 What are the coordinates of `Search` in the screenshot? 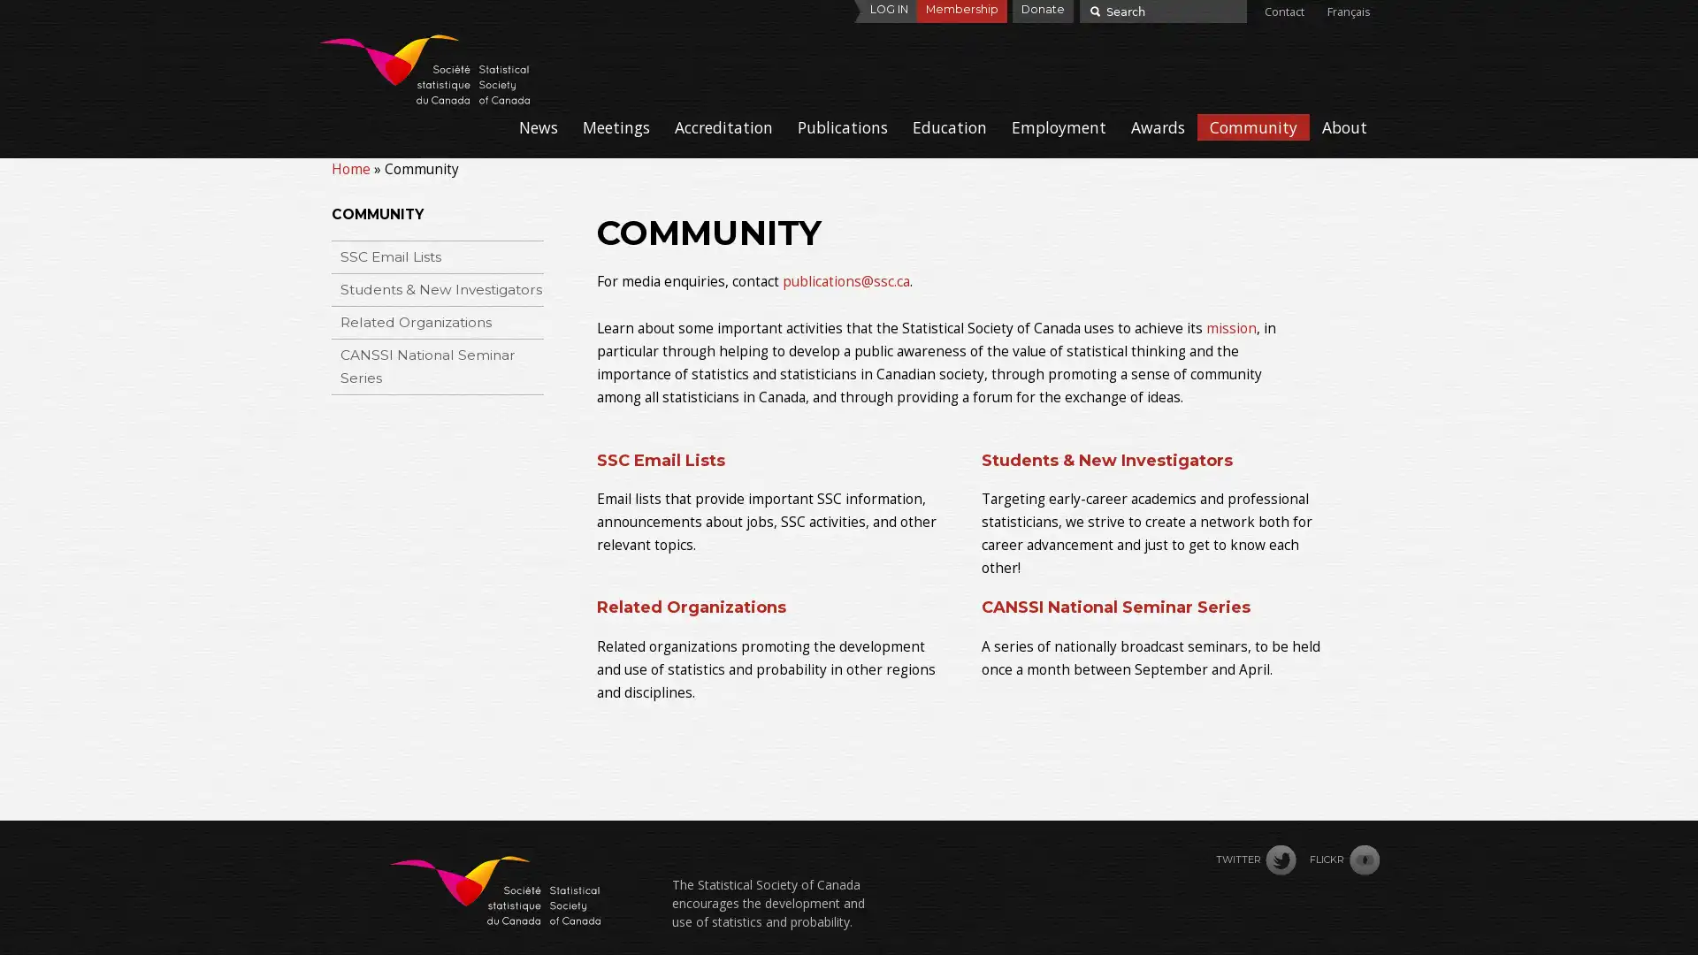 It's located at (1092, 10).